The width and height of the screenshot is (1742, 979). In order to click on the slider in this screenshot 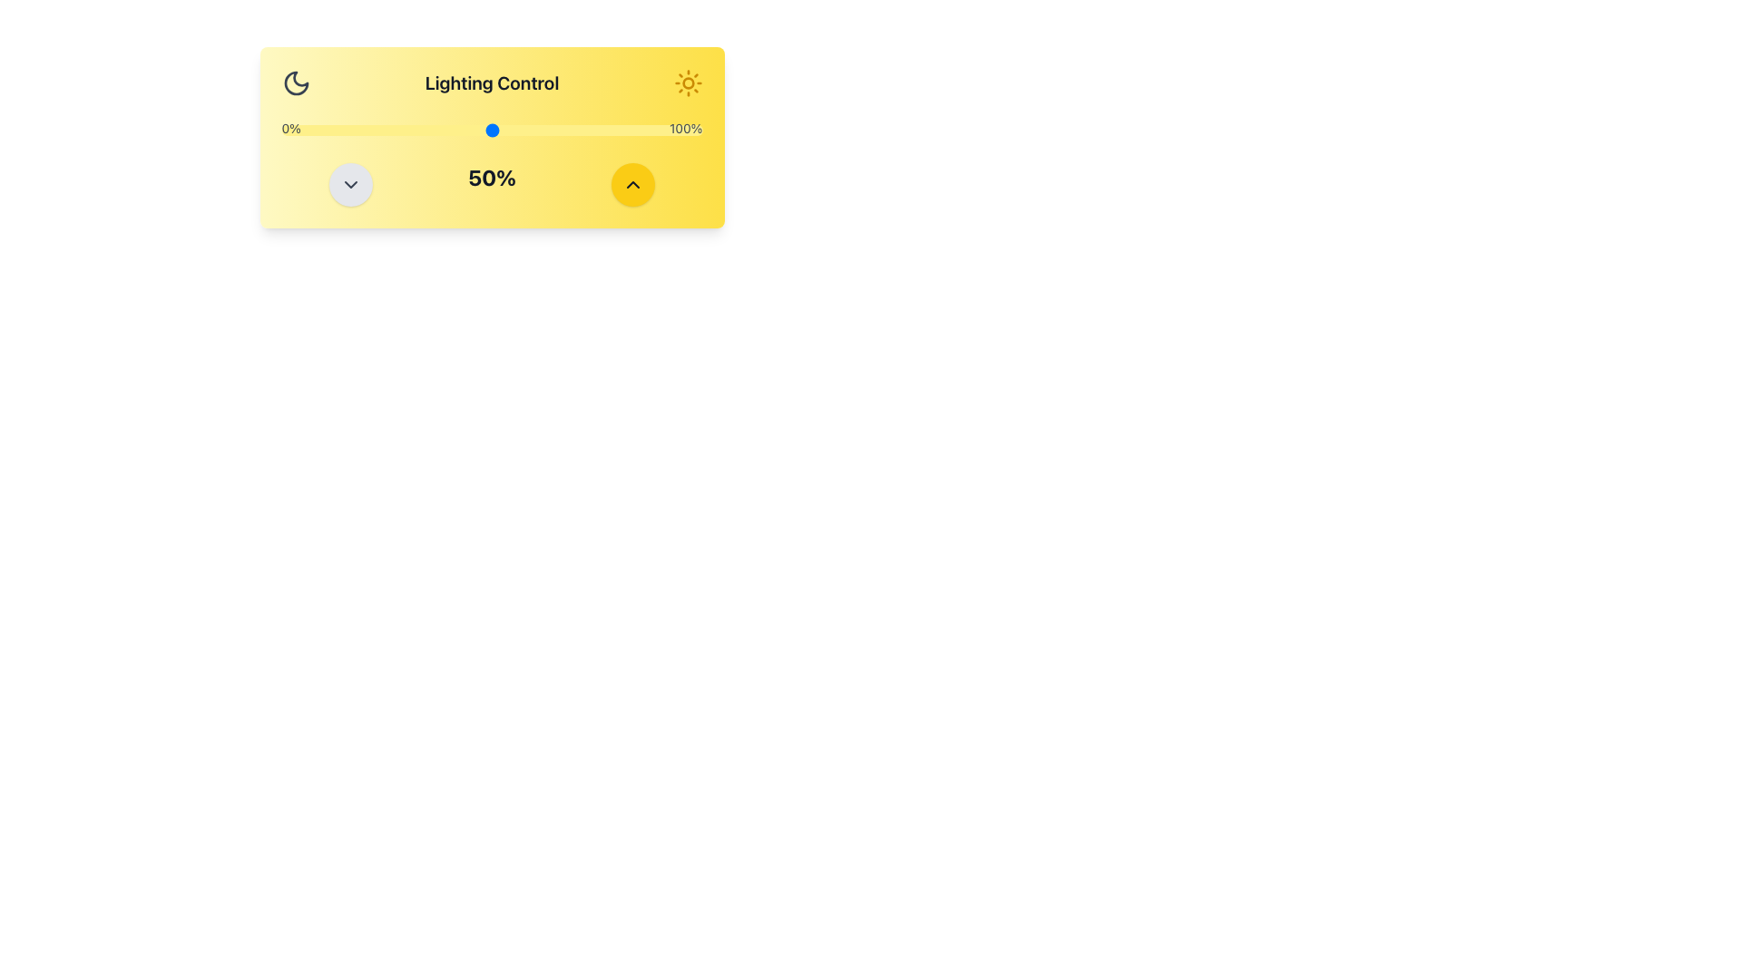, I will do `click(521, 129)`.